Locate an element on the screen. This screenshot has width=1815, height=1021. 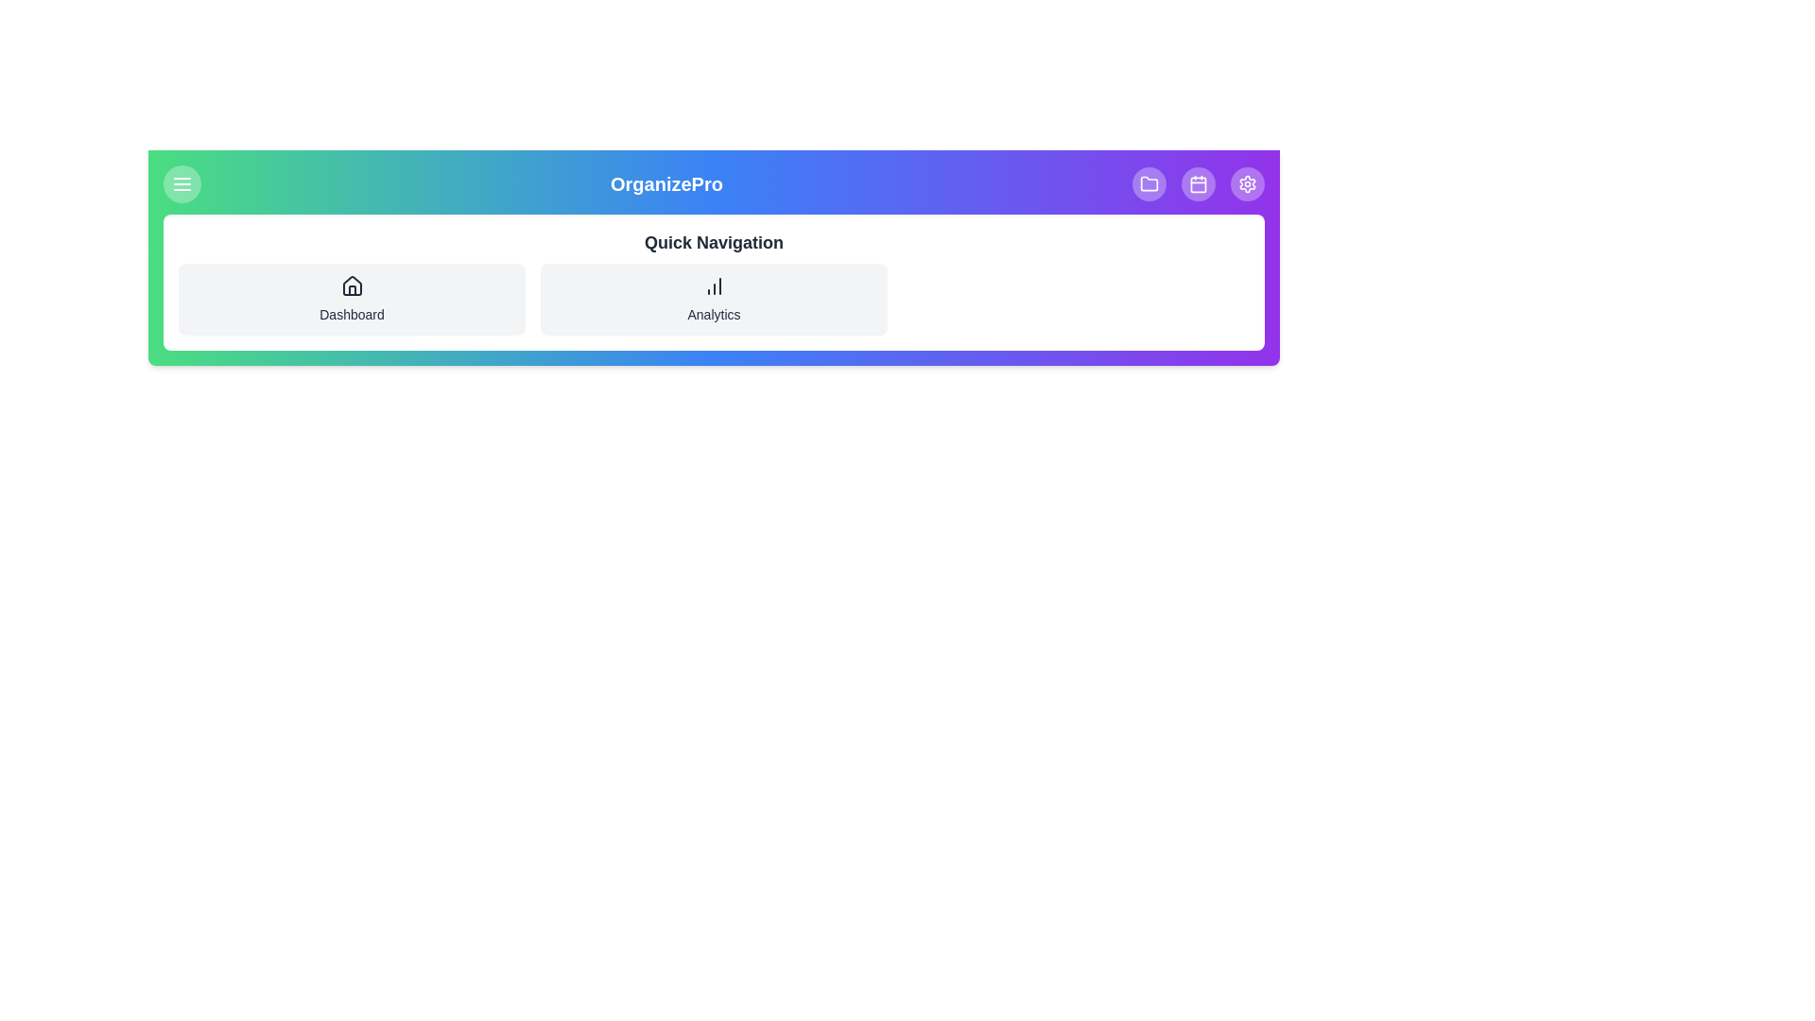
'Dashboard' button in the Quick Navigation section is located at coordinates (352, 298).